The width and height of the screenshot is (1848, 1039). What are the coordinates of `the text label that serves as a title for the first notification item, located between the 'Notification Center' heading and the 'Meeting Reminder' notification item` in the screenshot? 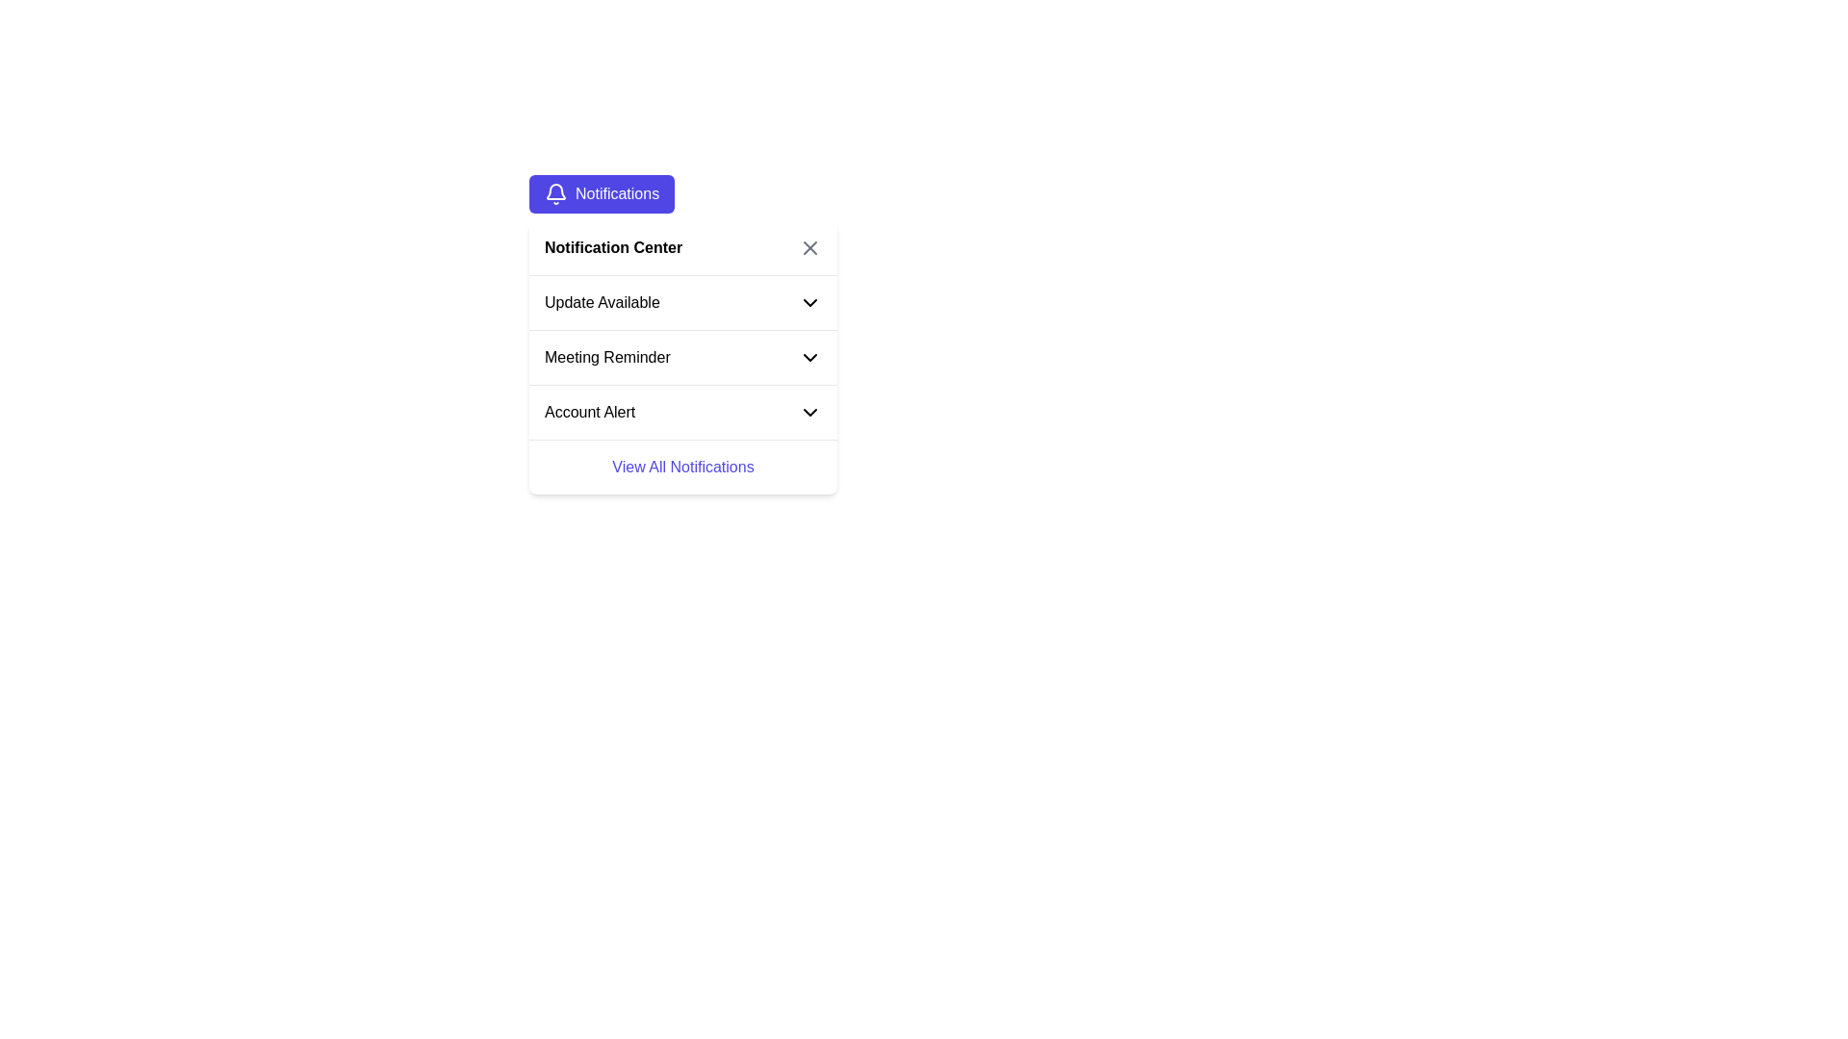 It's located at (601, 303).